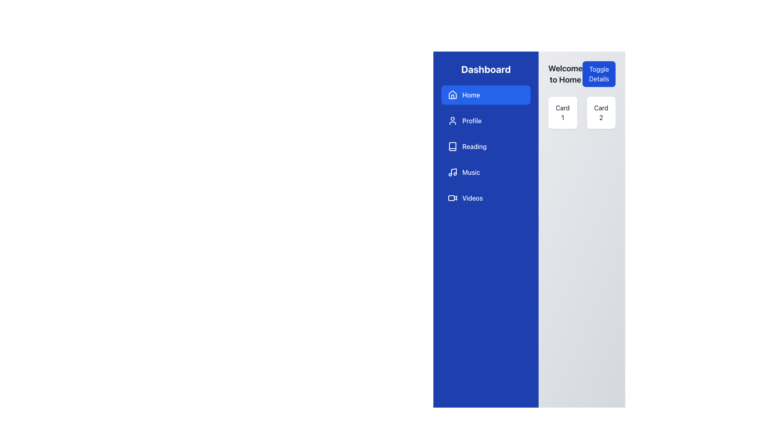 The image size is (774, 435). I want to click on the 'Videos' menu item located as the fifth item in the sidebar navigation menu, so click(485, 198).